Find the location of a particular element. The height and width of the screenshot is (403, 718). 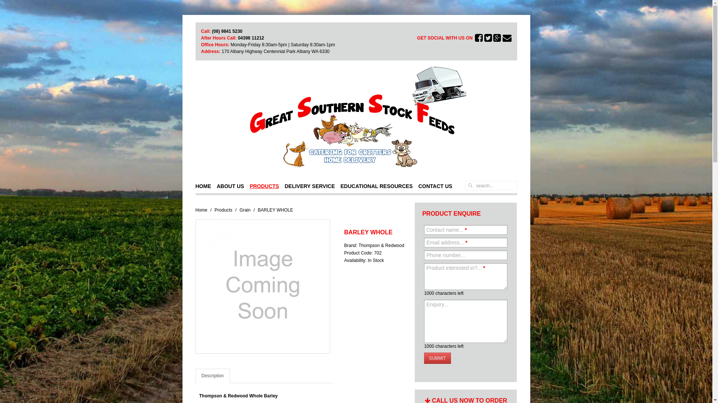

'Description' is located at coordinates (212, 376).